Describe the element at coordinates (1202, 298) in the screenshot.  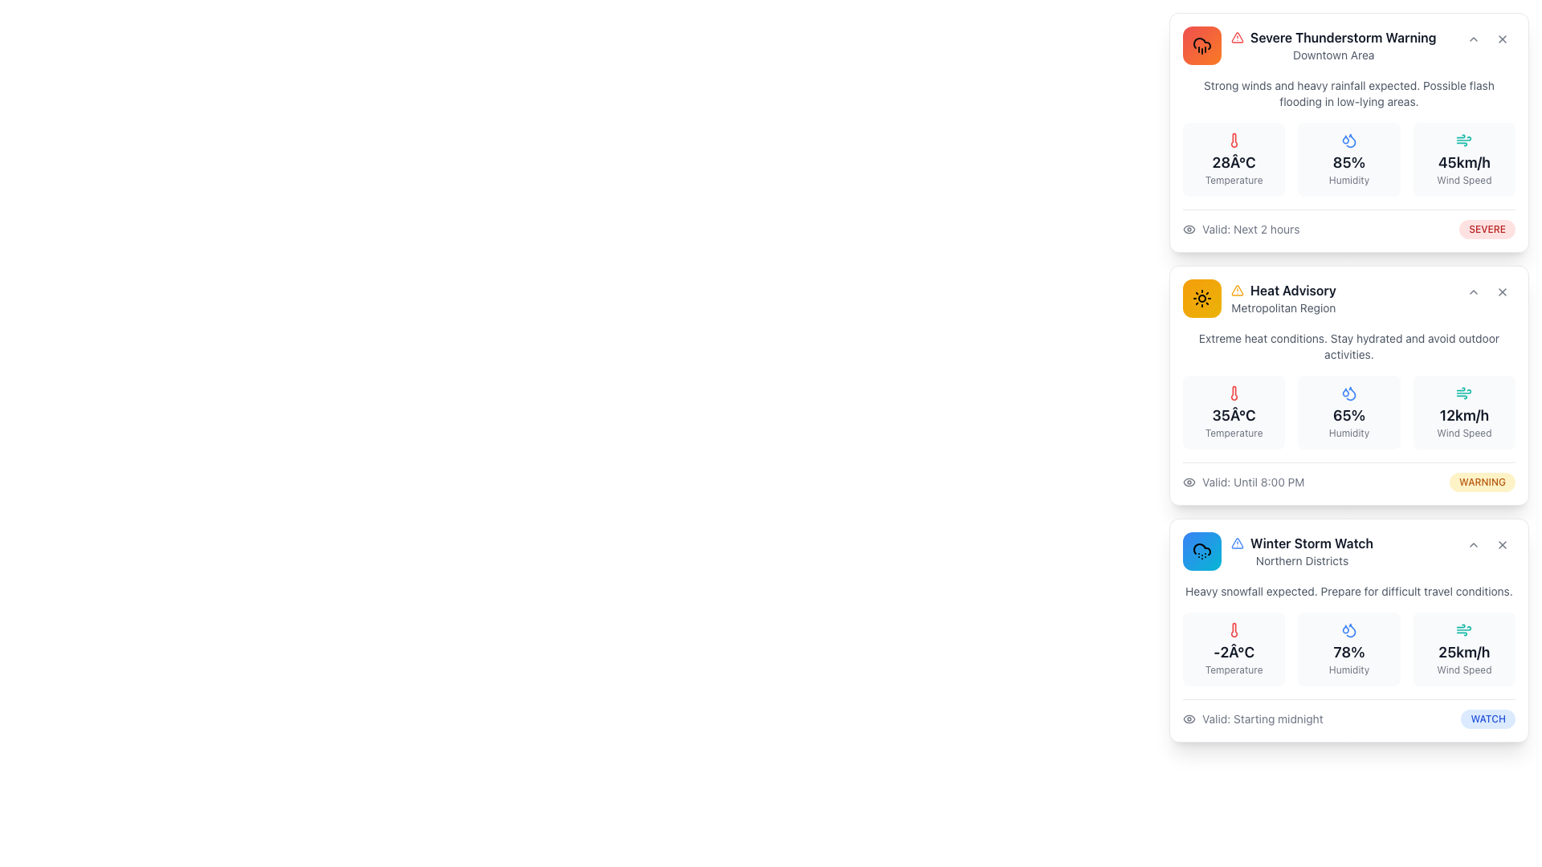
I see `the sun icon, which is a minimalistic SVG icon with a yellow gradient background located in the top-left corner of the heat advisory card` at that location.